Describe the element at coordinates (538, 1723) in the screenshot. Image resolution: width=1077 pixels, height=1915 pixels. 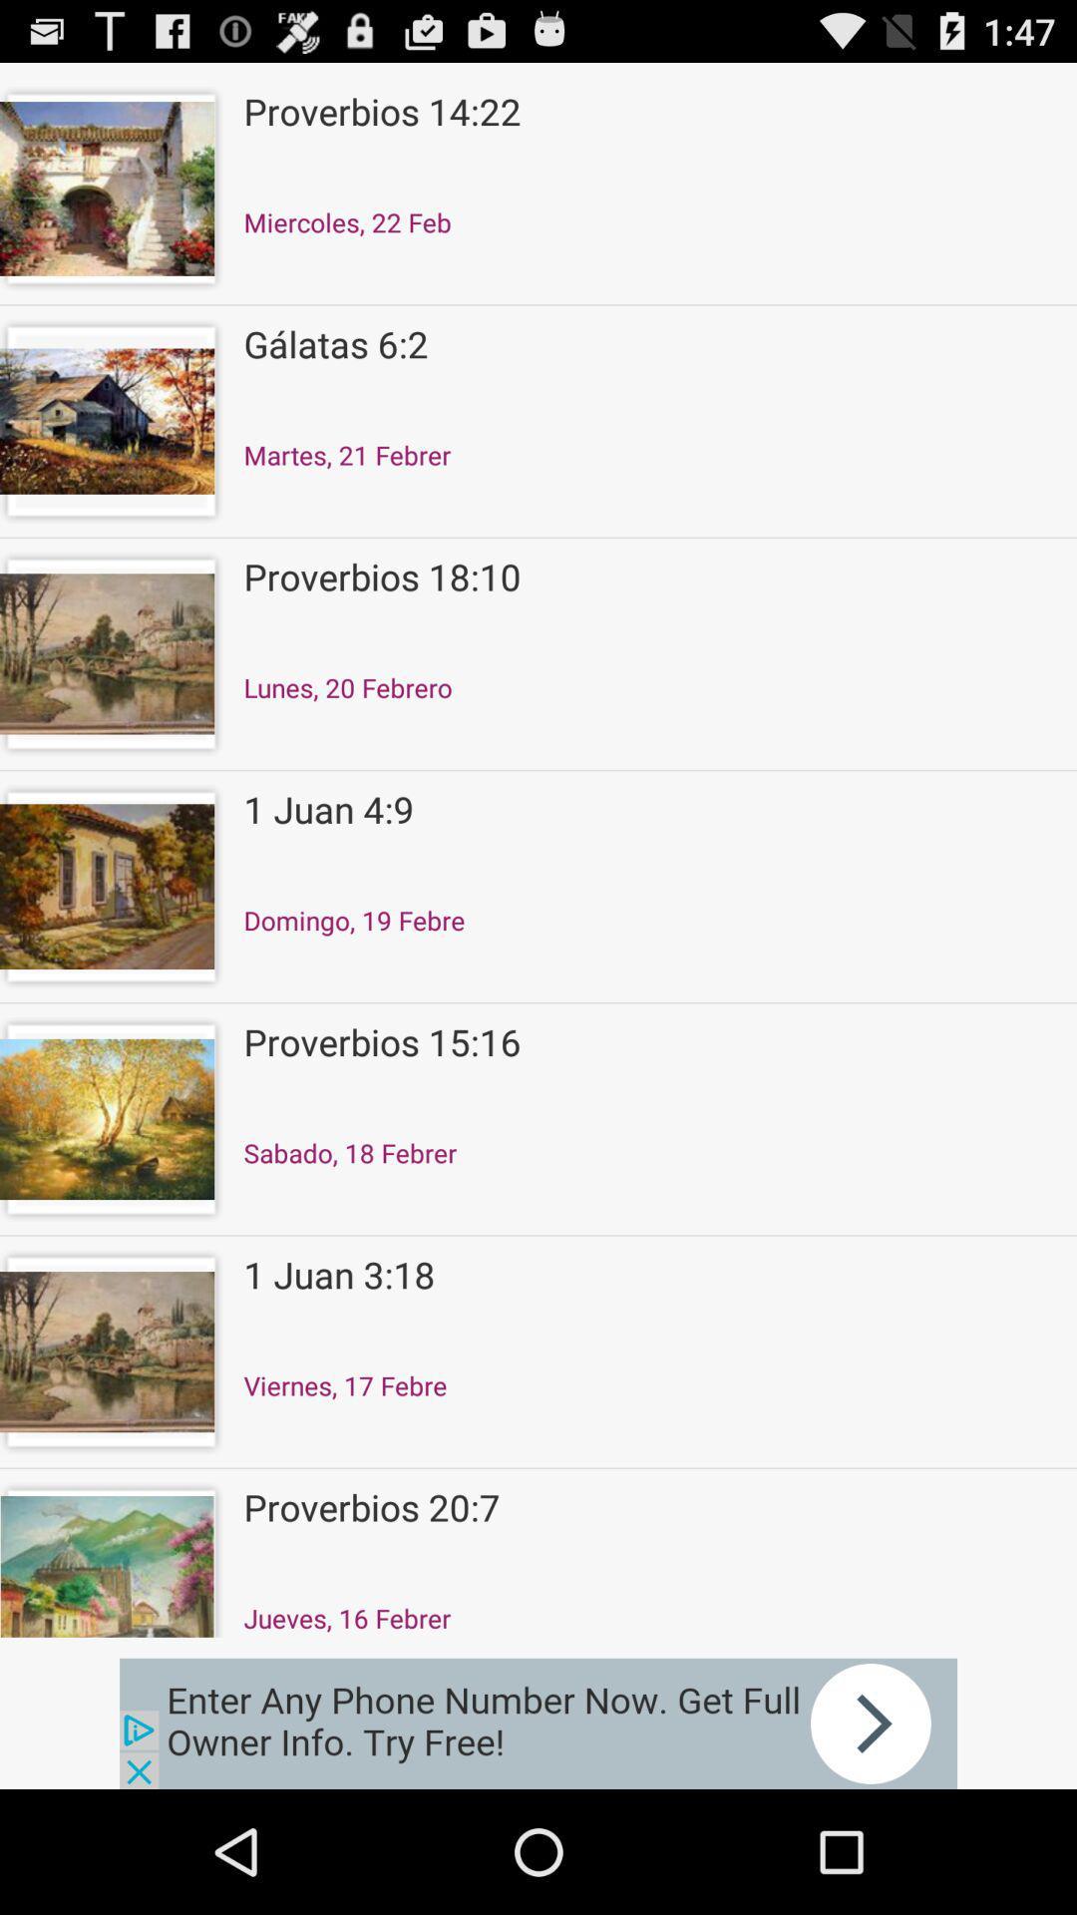
I see `advertisement` at that location.